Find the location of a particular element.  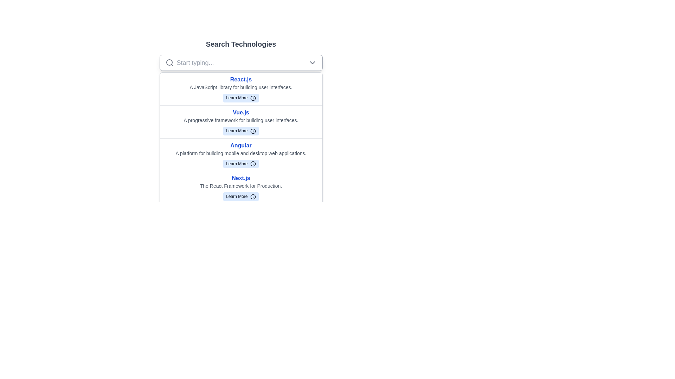

the icon associated with the 'Learn More' button for the 'Angular' technology entry, which is the third button in a vertical list is located at coordinates (253, 164).